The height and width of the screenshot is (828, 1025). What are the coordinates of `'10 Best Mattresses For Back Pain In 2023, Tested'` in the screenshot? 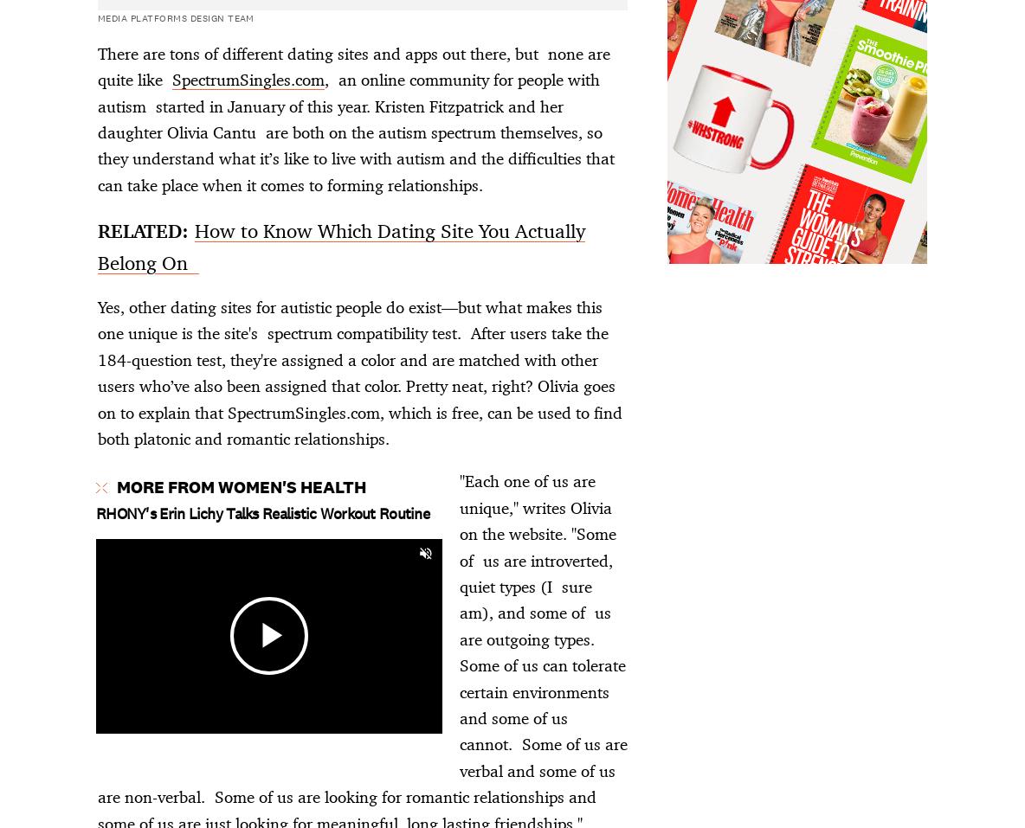 It's located at (278, 286).